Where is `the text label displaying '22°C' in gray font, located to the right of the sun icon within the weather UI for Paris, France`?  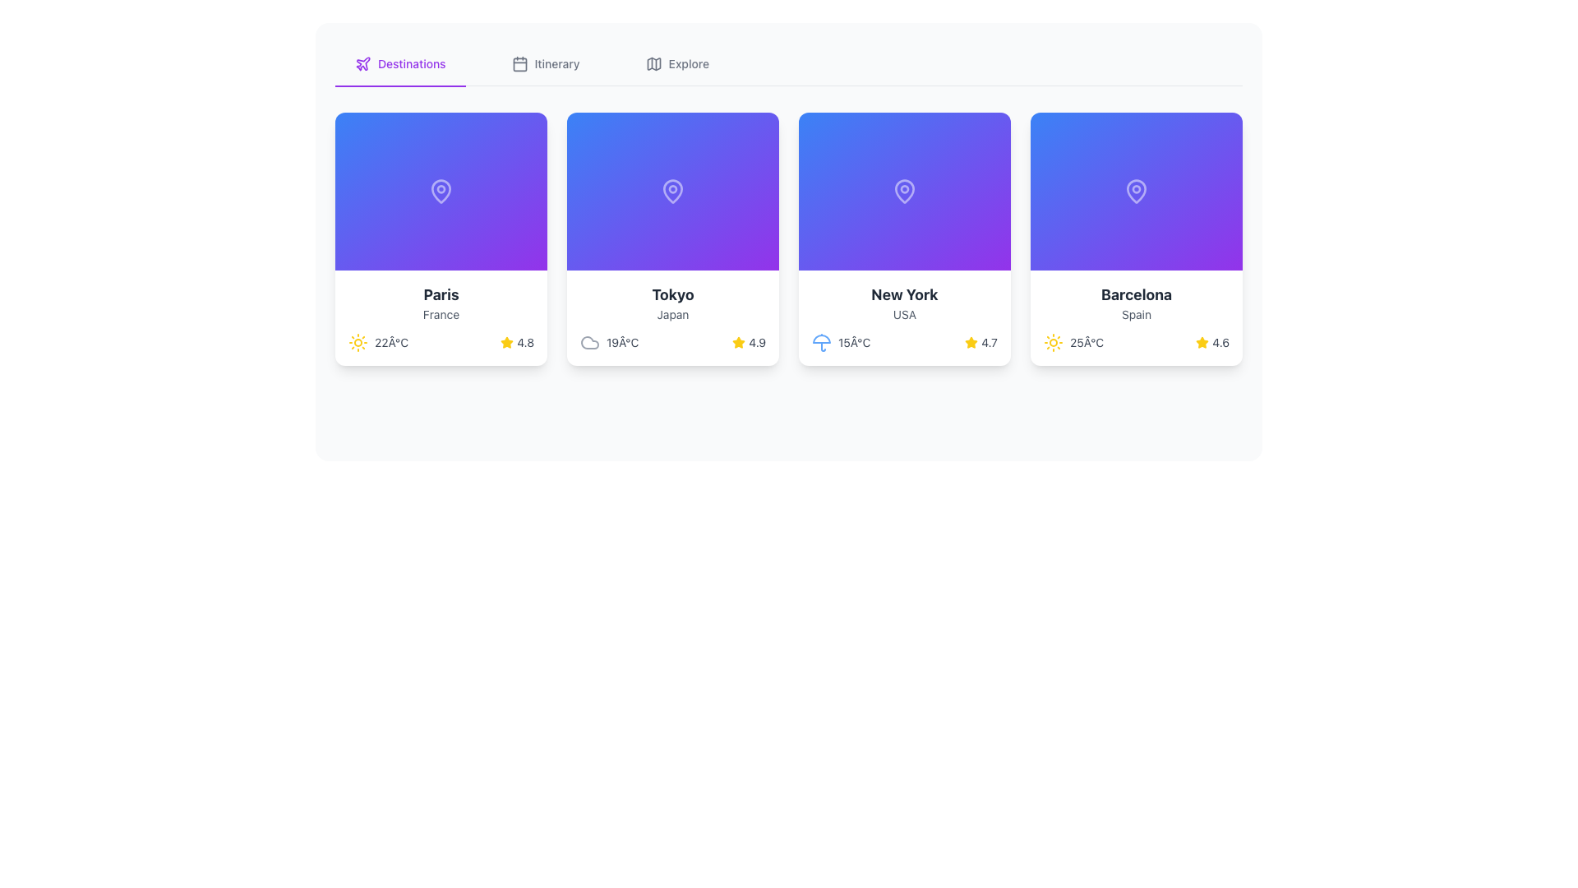 the text label displaying '22°C' in gray font, located to the right of the sun icon within the weather UI for Paris, France is located at coordinates (390, 341).